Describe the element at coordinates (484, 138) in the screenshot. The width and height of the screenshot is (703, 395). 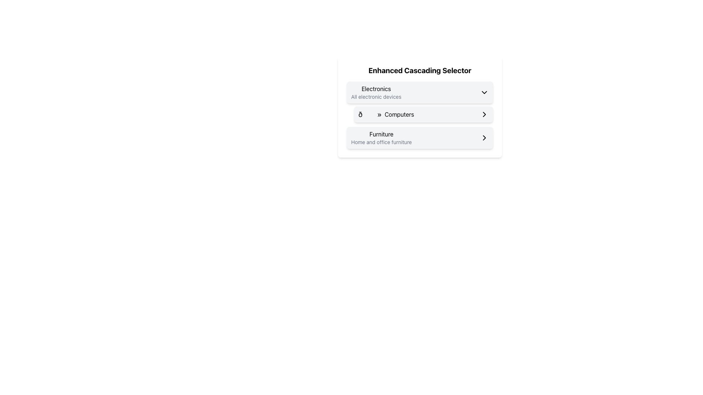
I see `the right chevron icon indicating navigation for the 'Furniture' option` at that location.